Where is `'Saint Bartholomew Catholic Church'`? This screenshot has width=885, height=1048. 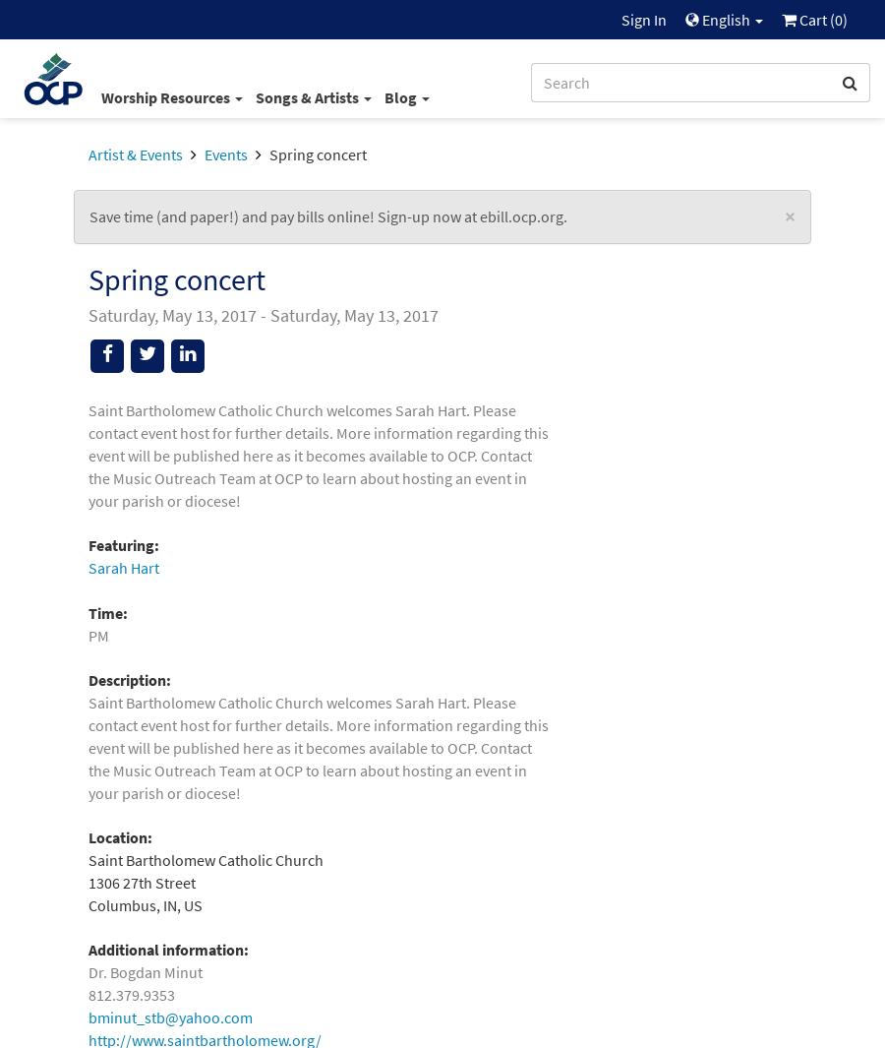 'Saint Bartholomew Catholic Church' is located at coordinates (206, 860).